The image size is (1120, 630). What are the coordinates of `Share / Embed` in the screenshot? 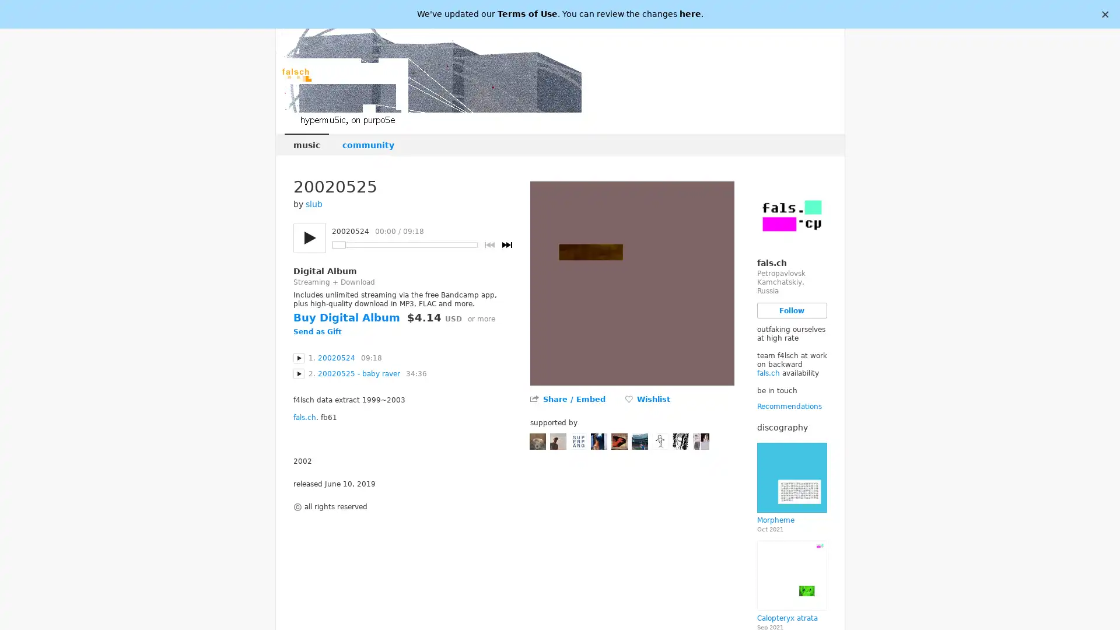 It's located at (573, 398).